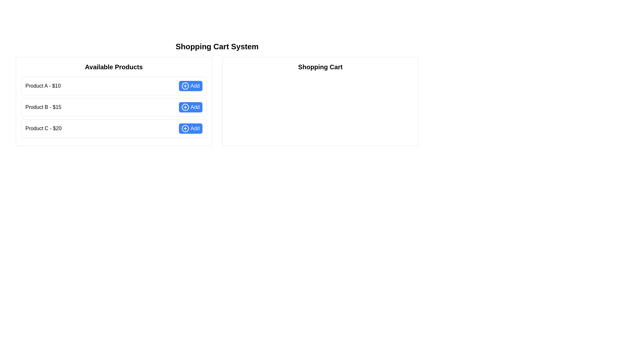 The image size is (619, 348). I want to click on the state of the circle icon with a plus sign inside, which has a blue background and white outline, located at the left end of the 'Add' button for 'Product A' in the 'Available Products' list, so click(185, 85).